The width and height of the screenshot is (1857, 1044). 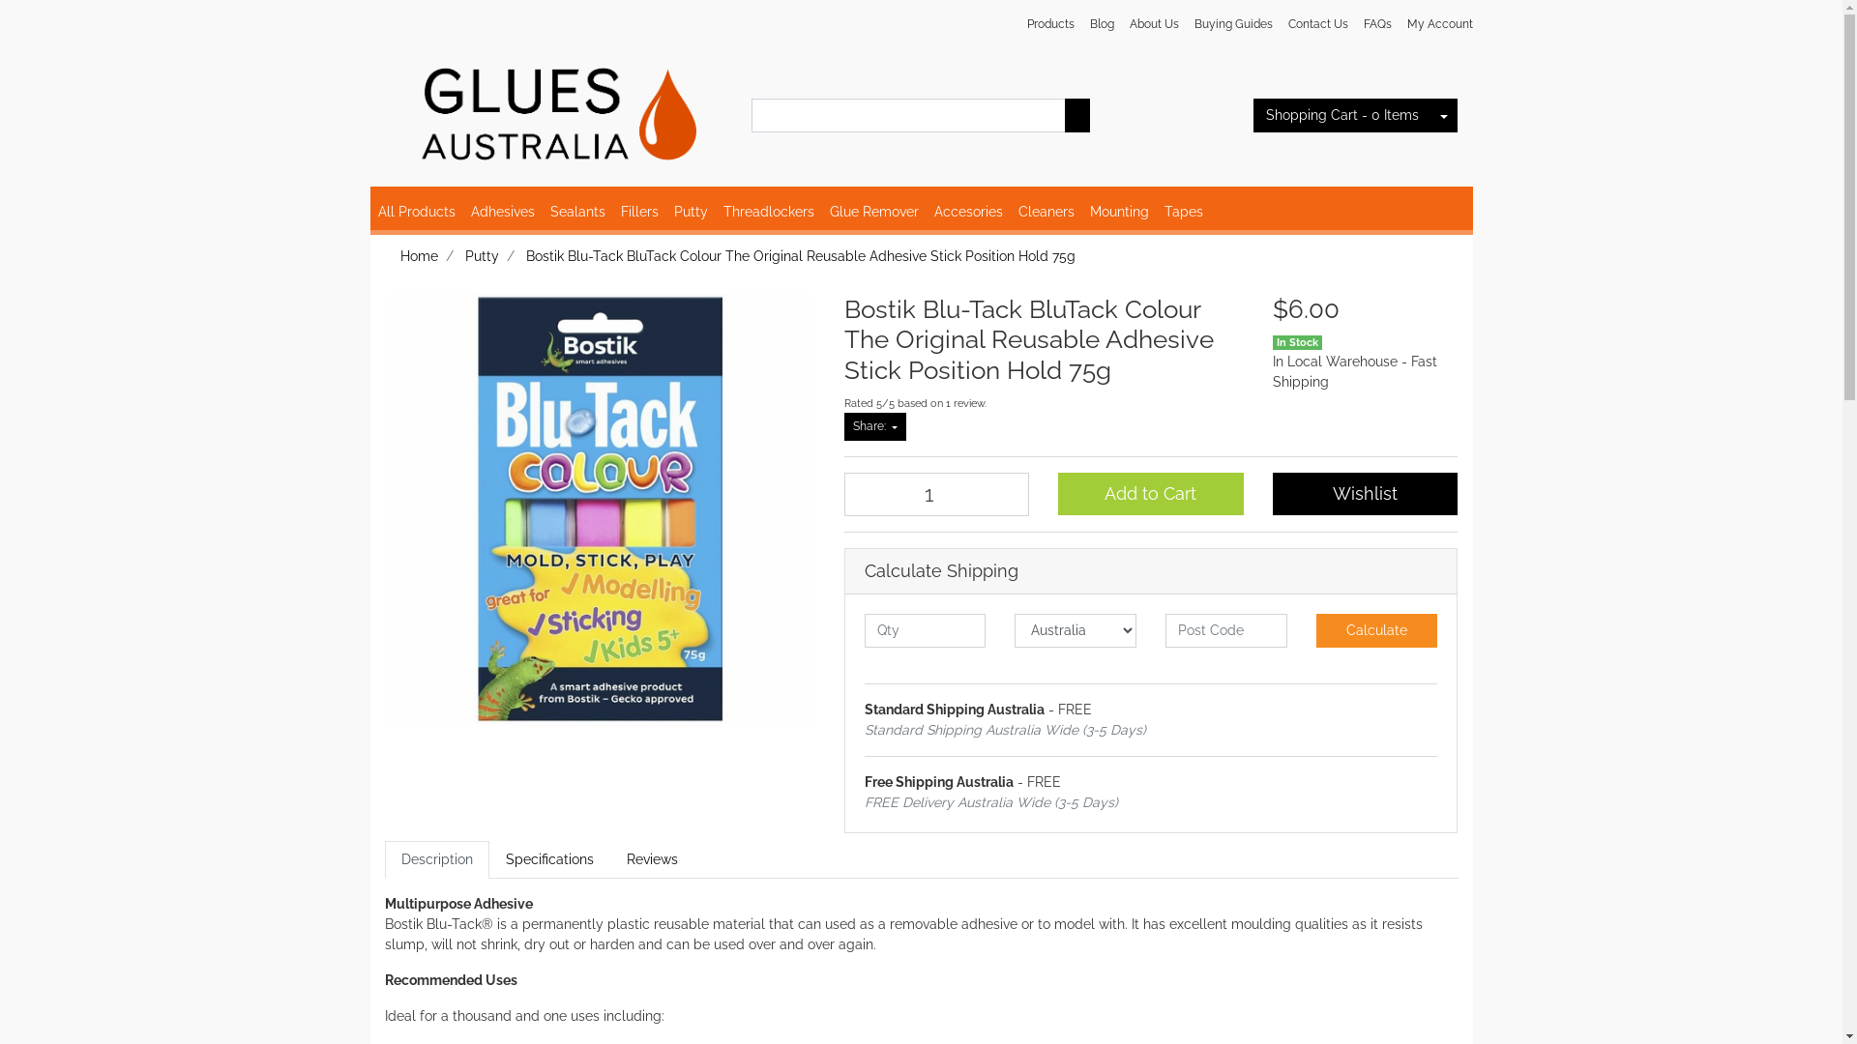 I want to click on 'Calculate', so click(x=1376, y=630).